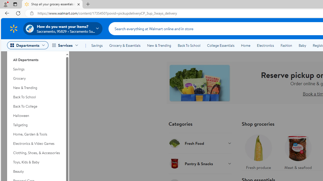 The height and width of the screenshot is (181, 323). Describe the element at coordinates (286, 46) in the screenshot. I see `'Fashion'` at that location.